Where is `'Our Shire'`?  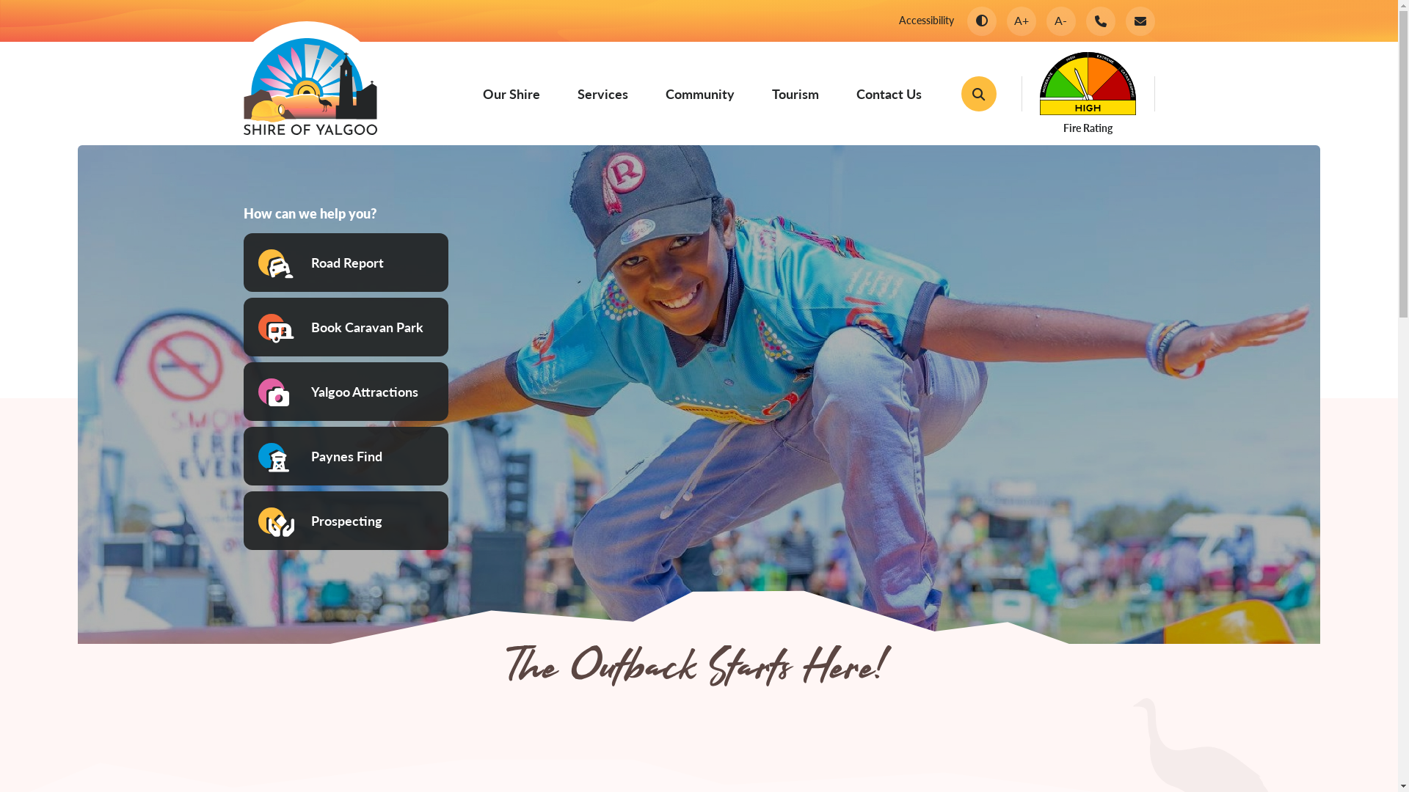
'Our Shire' is located at coordinates (511, 93).